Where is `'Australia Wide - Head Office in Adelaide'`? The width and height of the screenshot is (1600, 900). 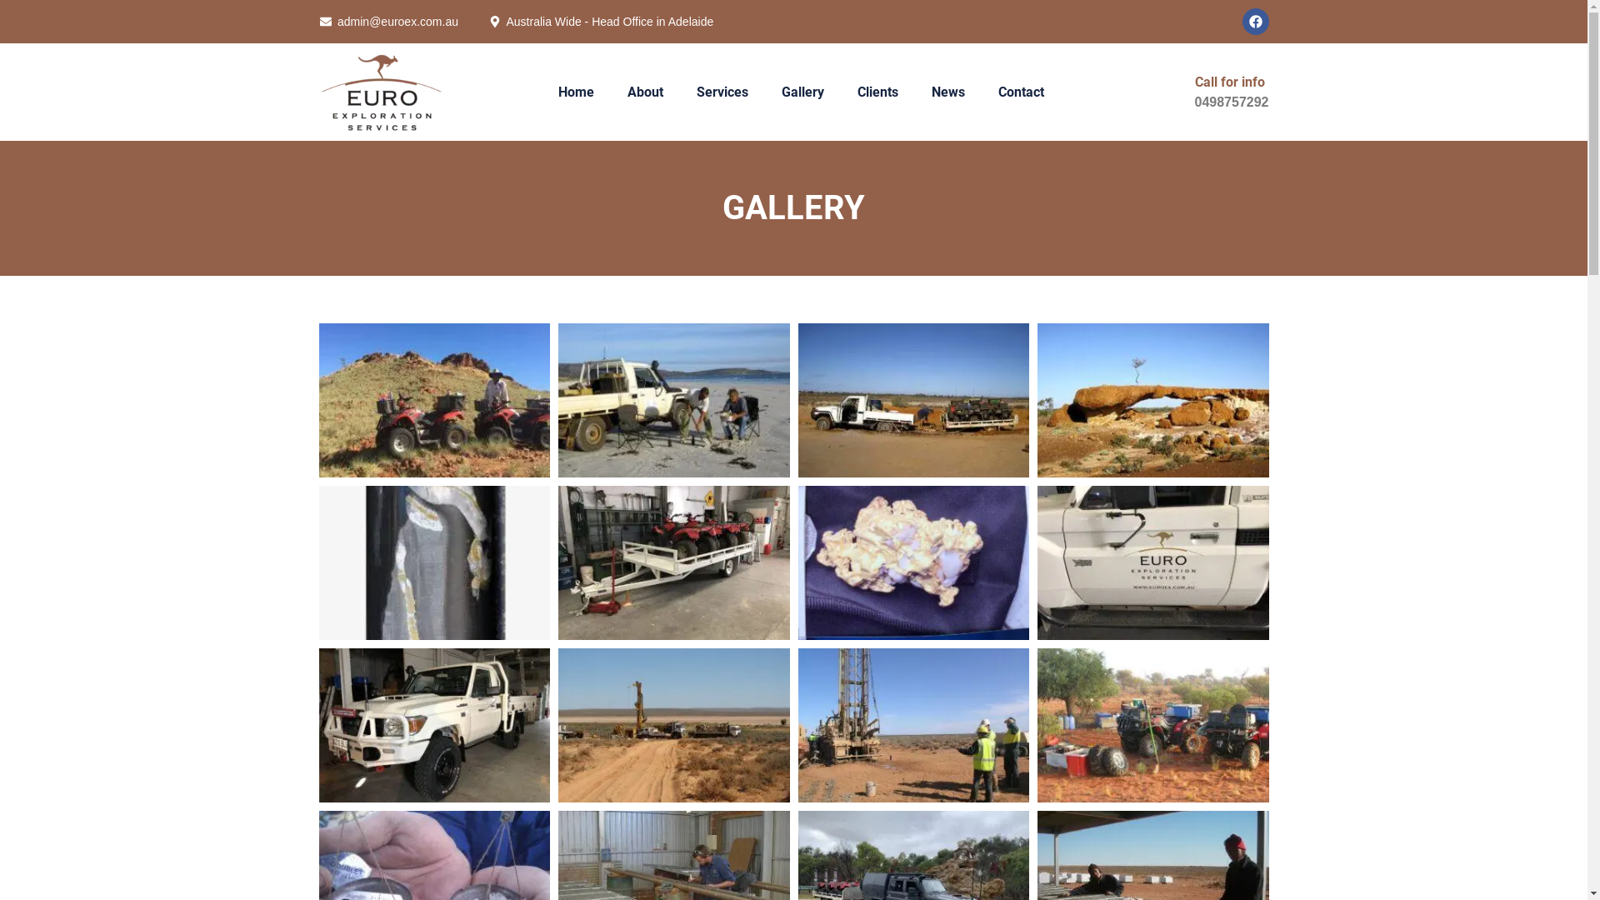
'Australia Wide - Head Office in Adelaide' is located at coordinates (487, 22).